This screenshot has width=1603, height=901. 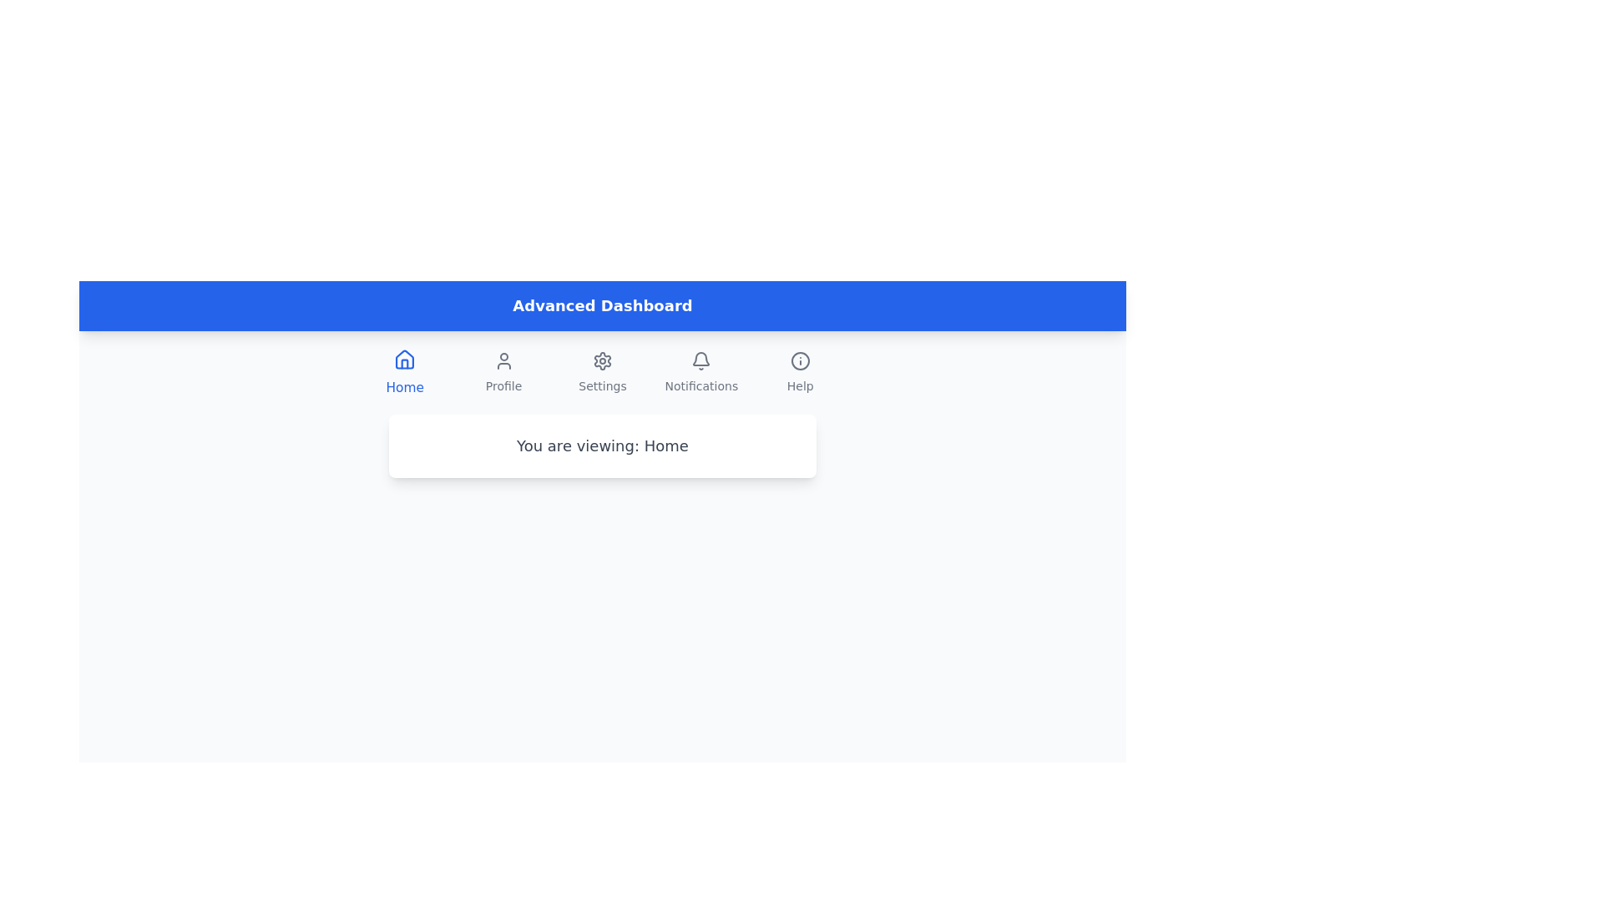 What do you see at coordinates (601, 360) in the screenshot?
I see `the settings icon button located in the navigation bar below the 'Advanced Dashboard' title` at bounding box center [601, 360].